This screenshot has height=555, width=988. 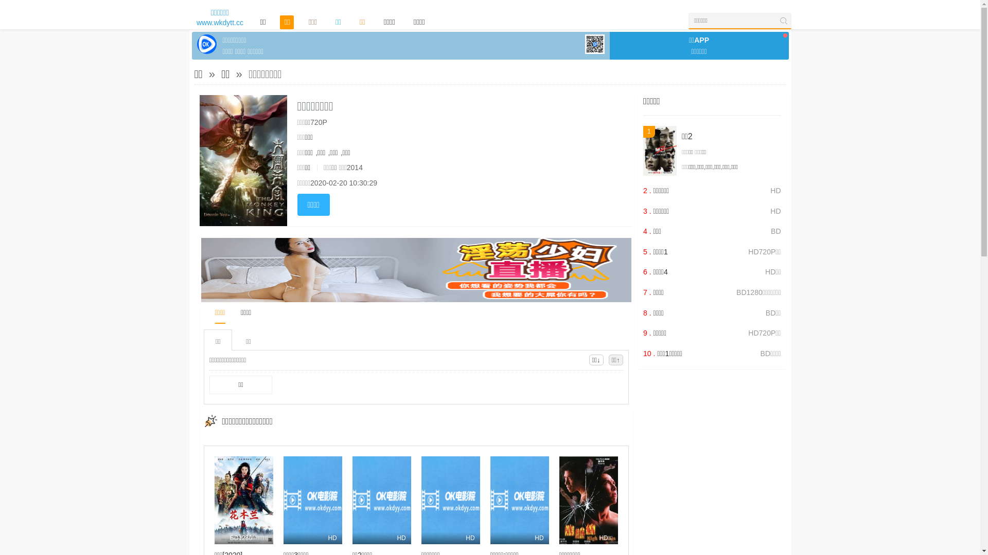 I want to click on 'HD', so click(x=352, y=499).